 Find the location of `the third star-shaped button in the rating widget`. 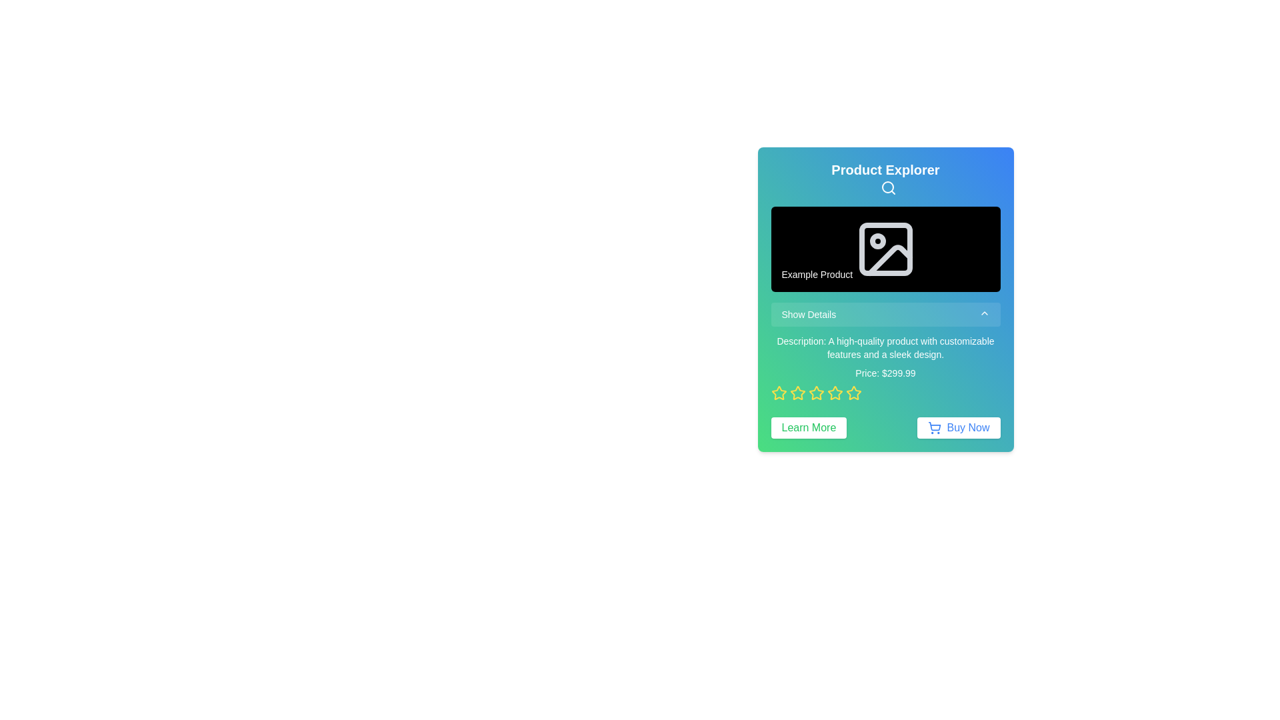

the third star-shaped button in the rating widget is located at coordinates (815, 392).